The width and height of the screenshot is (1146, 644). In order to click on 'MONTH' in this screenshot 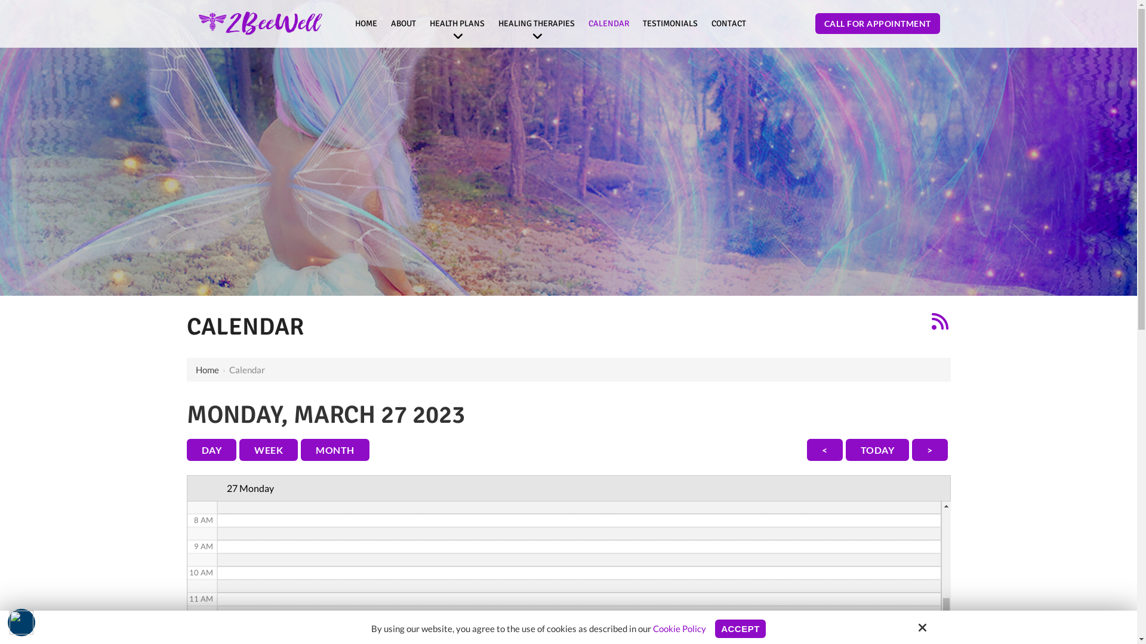, I will do `click(301, 450)`.